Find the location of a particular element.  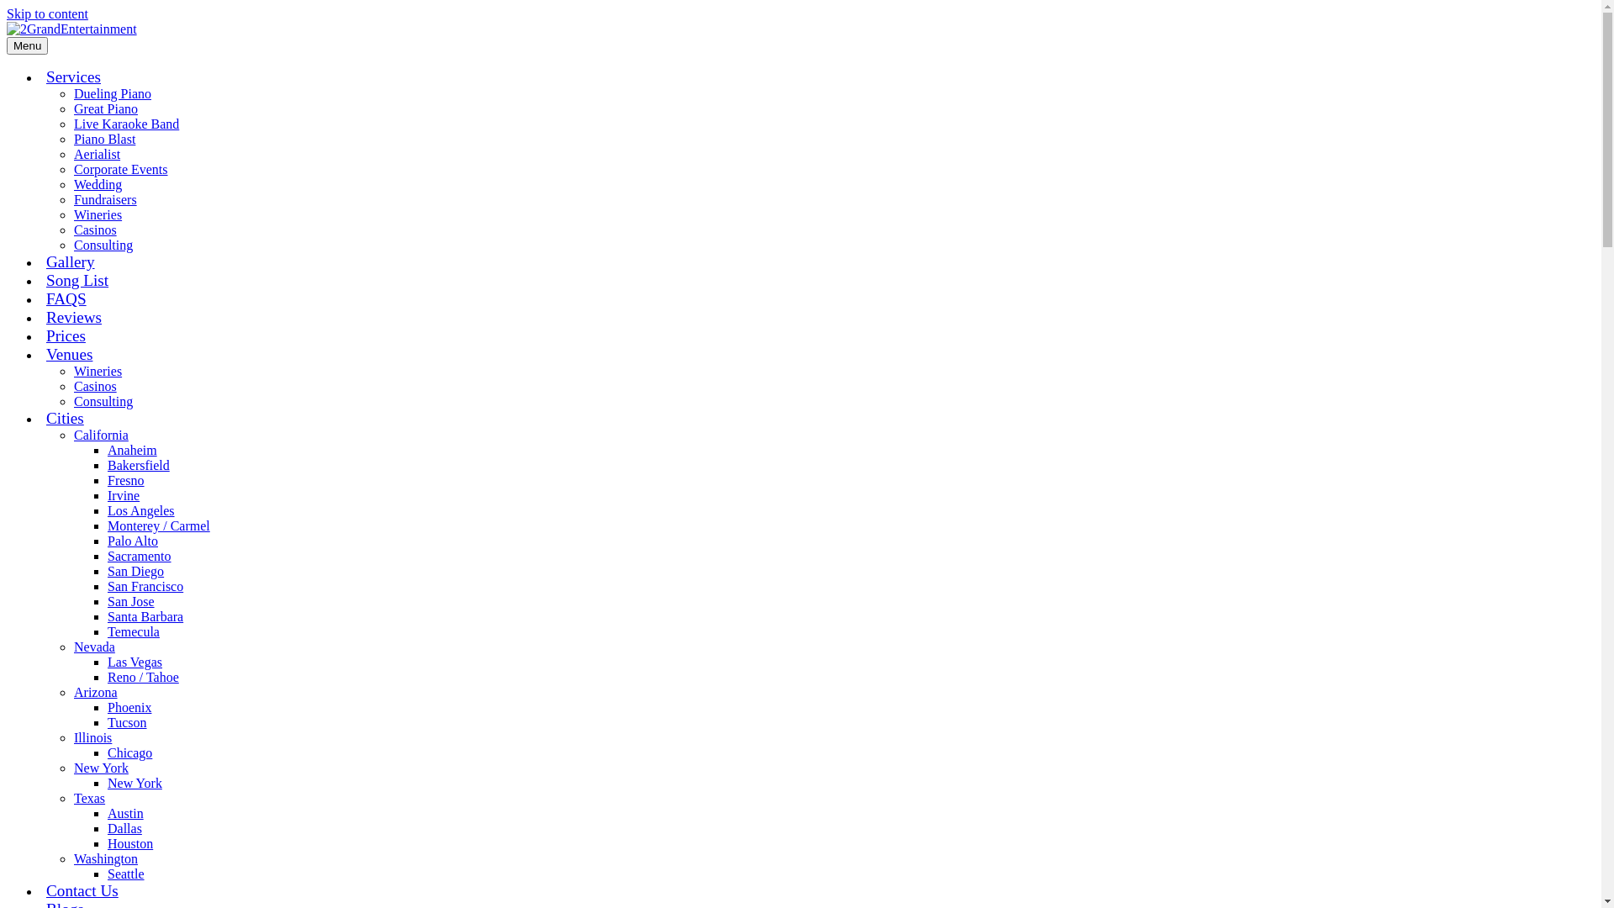

'San Francisco' is located at coordinates (107, 585).